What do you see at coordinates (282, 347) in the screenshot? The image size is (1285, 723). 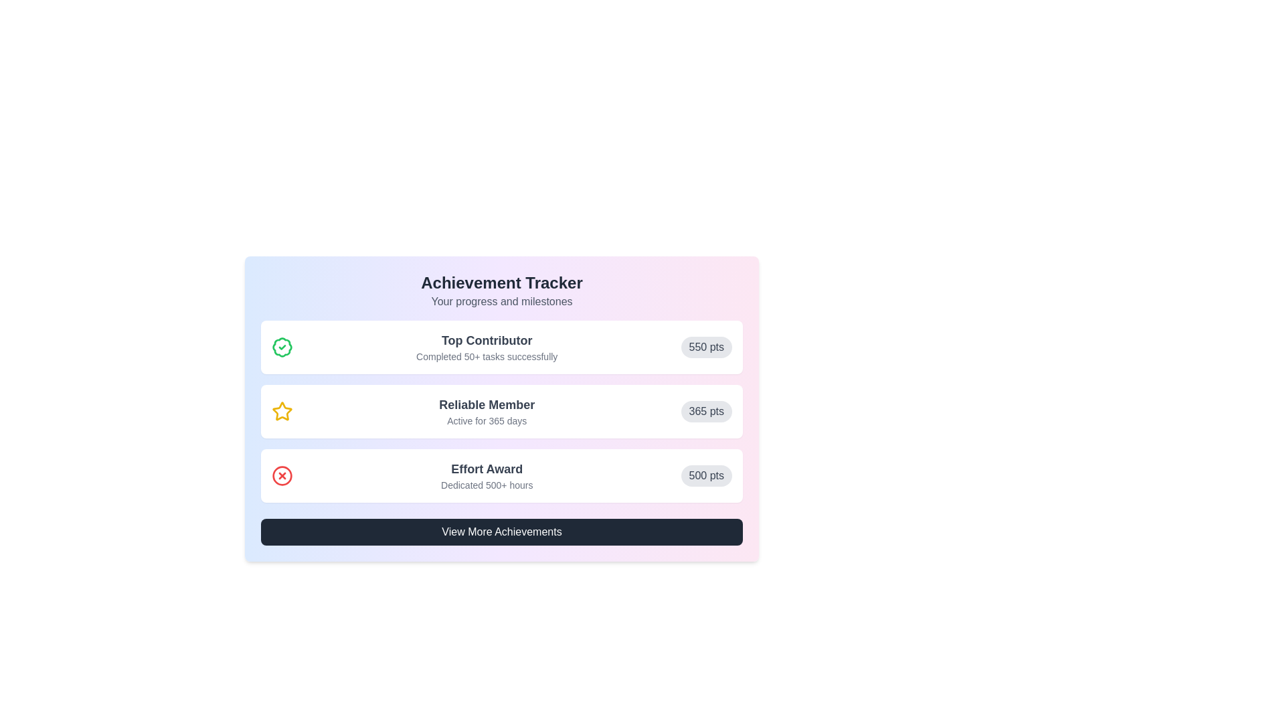 I see `the circular badge icon with a green outline and a checkmark symbol, which represents a successful task, located at the top-left corner of the 'Top Contributor' card` at bounding box center [282, 347].